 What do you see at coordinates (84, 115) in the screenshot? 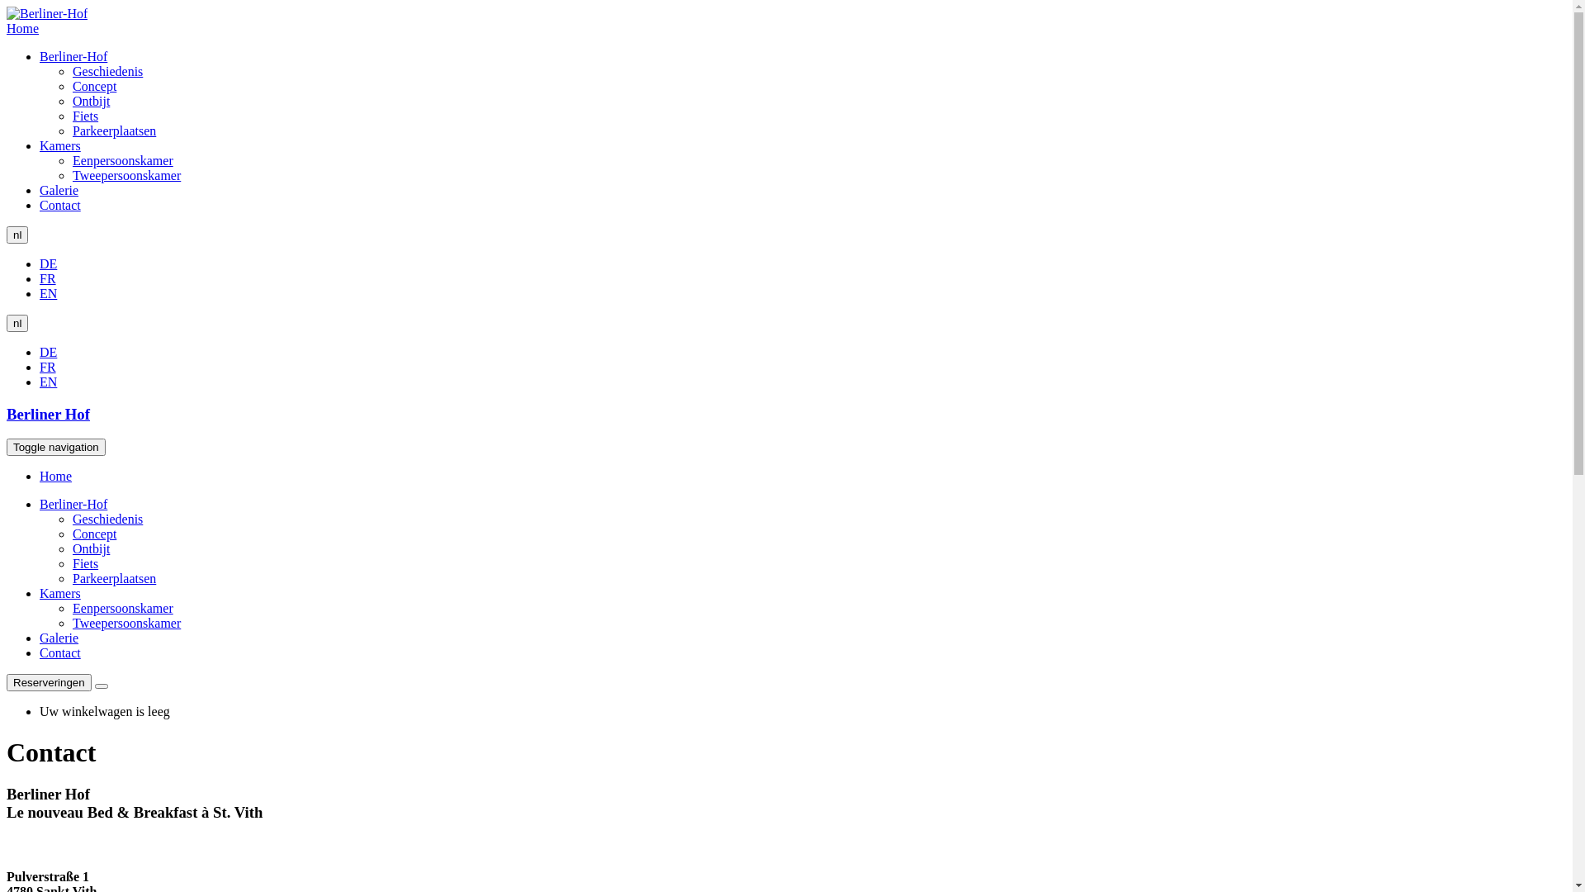
I see `'Fiets'` at bounding box center [84, 115].